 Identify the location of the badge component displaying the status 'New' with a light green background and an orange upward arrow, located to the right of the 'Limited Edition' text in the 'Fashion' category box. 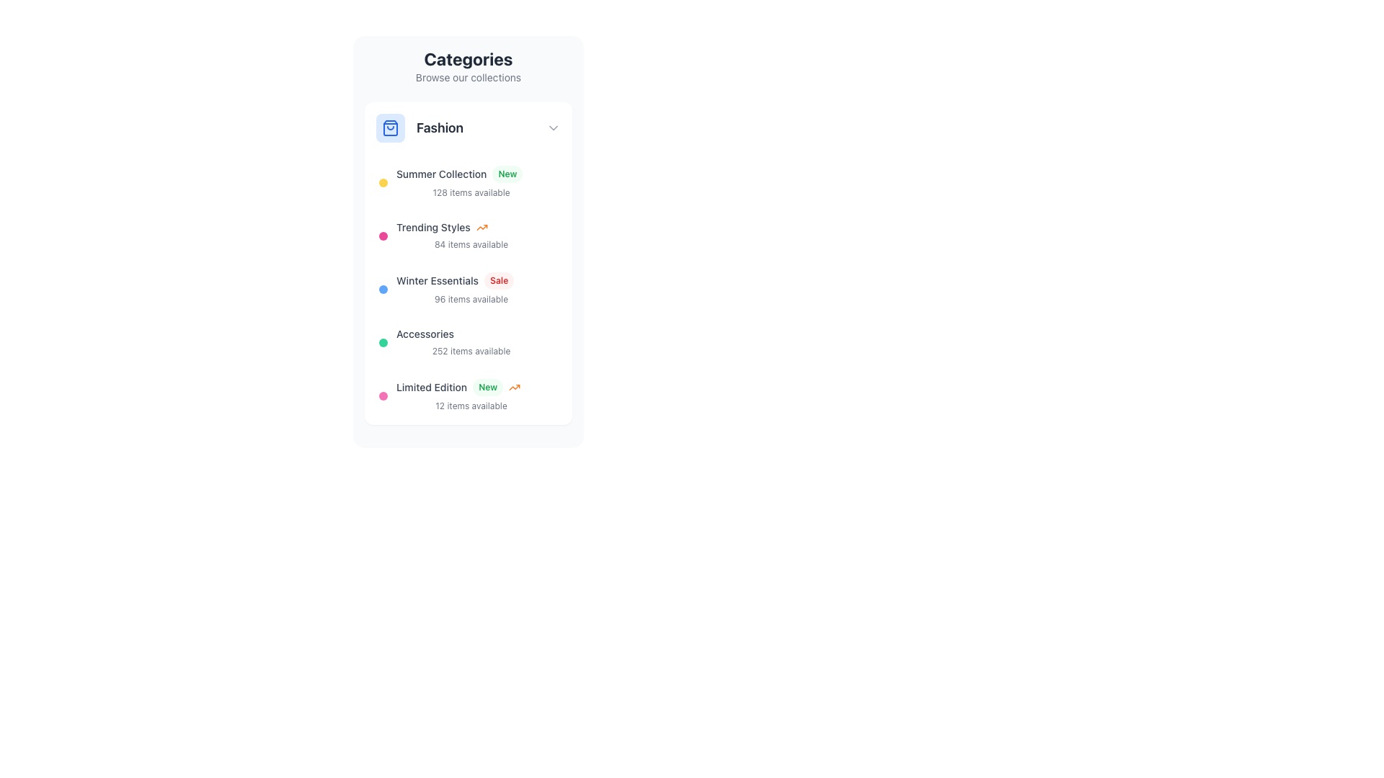
(497, 386).